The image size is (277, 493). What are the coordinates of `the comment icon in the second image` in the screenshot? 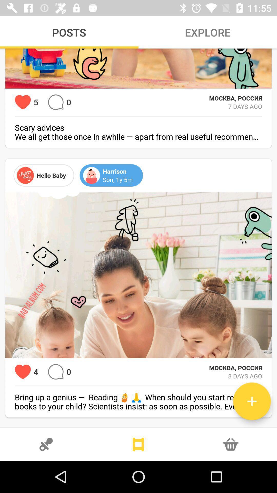 It's located at (56, 372).